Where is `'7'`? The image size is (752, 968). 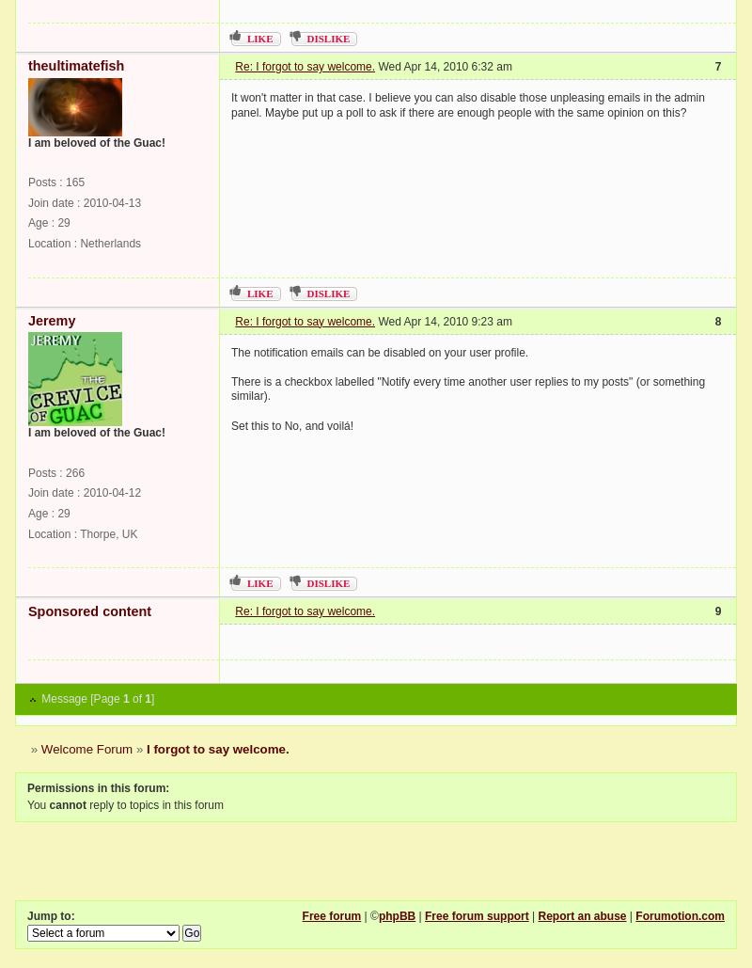
'7' is located at coordinates (717, 67).